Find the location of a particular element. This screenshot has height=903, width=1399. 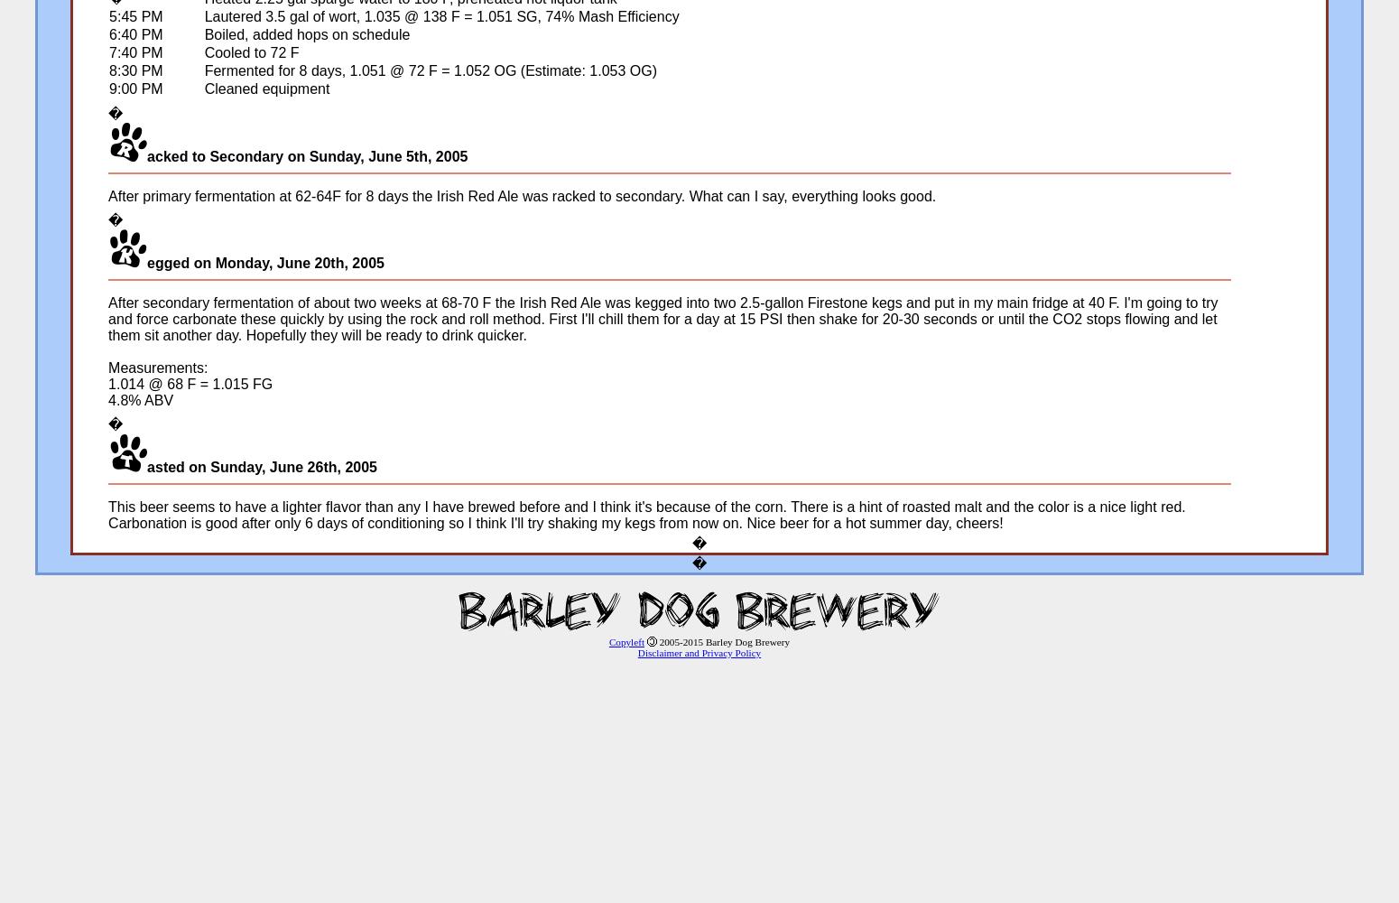

'4.8% ABV' is located at coordinates (140, 399).